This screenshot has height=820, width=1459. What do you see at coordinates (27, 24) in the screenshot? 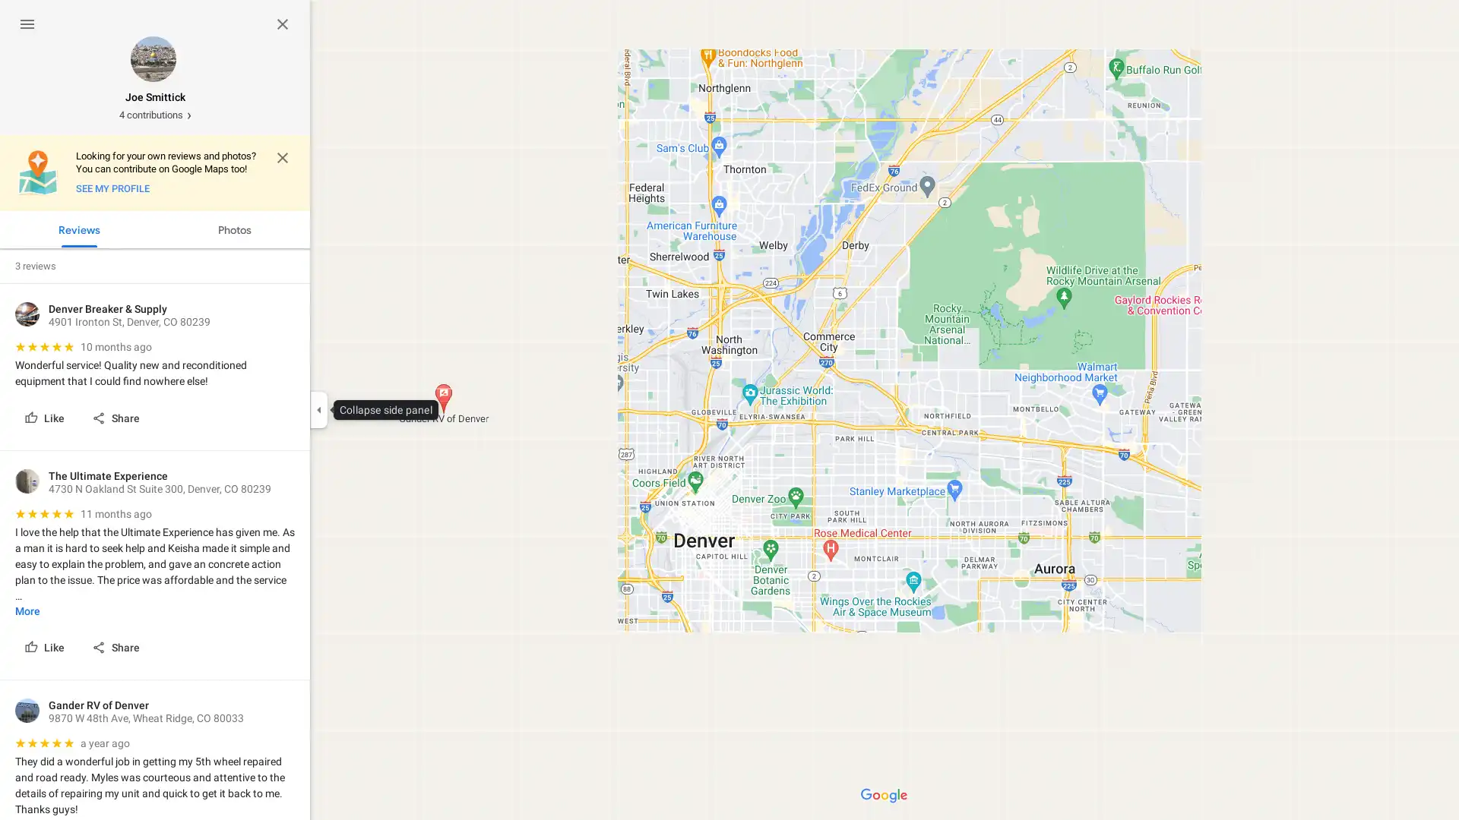
I see `Menu` at bounding box center [27, 24].